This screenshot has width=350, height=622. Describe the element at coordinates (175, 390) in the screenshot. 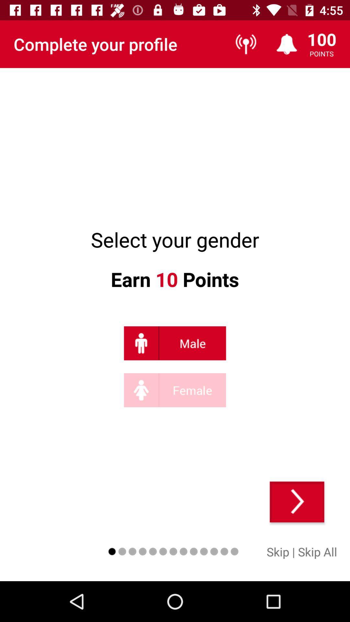

I see `female as gender` at that location.